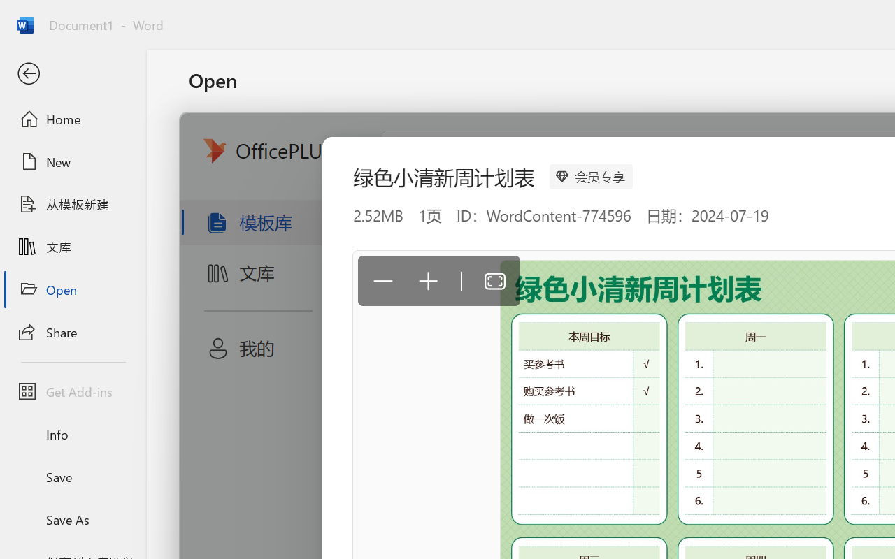 This screenshot has width=895, height=559. Describe the element at coordinates (72, 391) in the screenshot. I see `'Get Add-ins'` at that location.